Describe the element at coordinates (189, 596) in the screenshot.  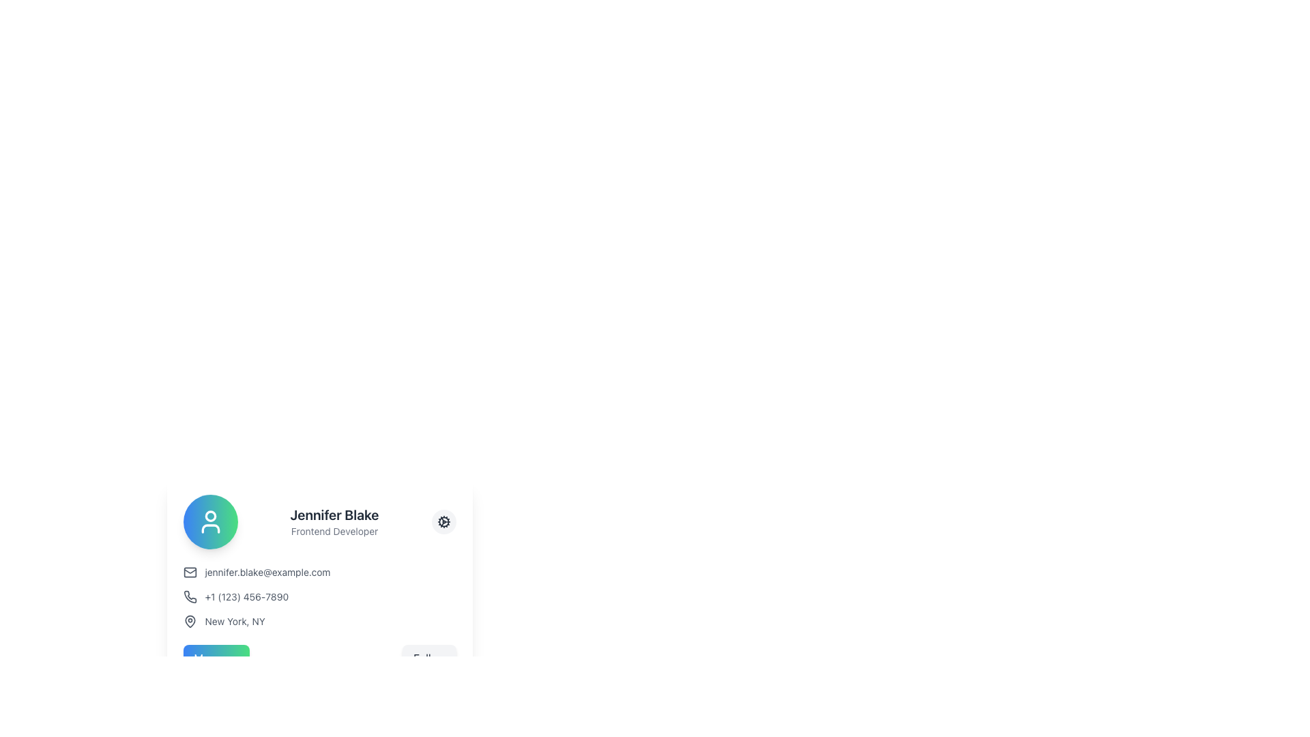
I see `the phone icon located to the left of the text '+1 (123) 456-7890' in the contact detail row of the user profile card interface` at that location.